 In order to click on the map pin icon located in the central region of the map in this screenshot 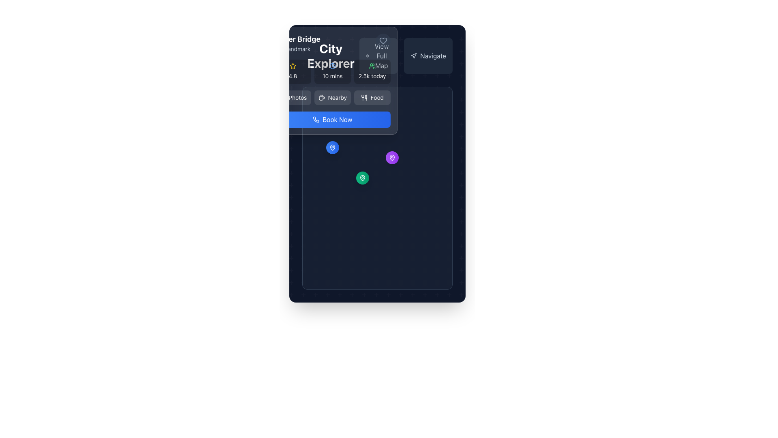, I will do `click(362, 178)`.